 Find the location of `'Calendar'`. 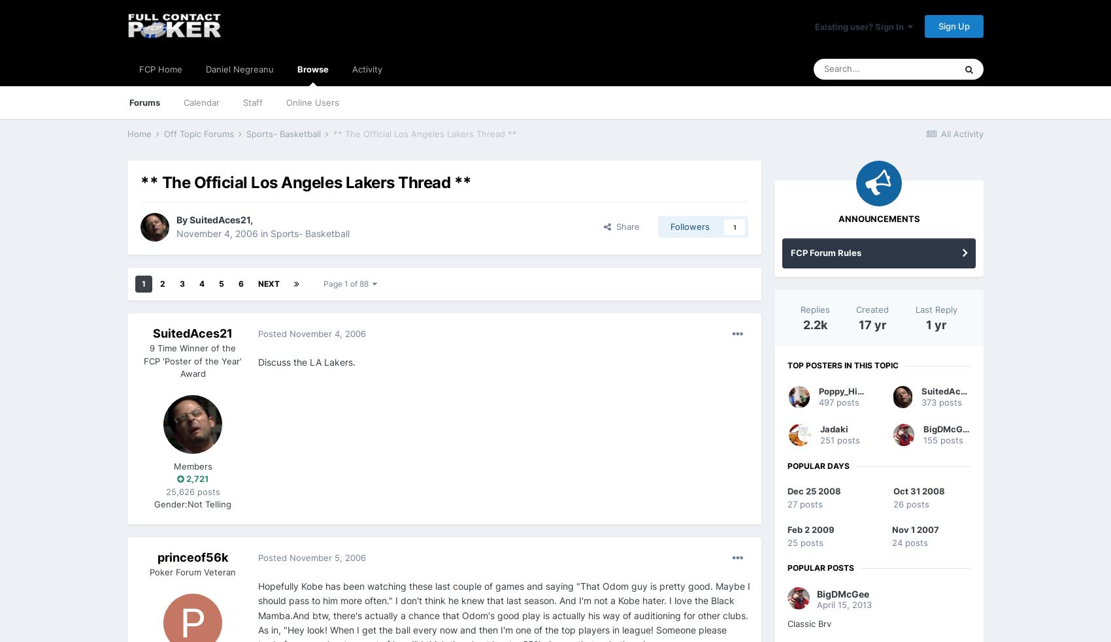

'Calendar' is located at coordinates (201, 101).